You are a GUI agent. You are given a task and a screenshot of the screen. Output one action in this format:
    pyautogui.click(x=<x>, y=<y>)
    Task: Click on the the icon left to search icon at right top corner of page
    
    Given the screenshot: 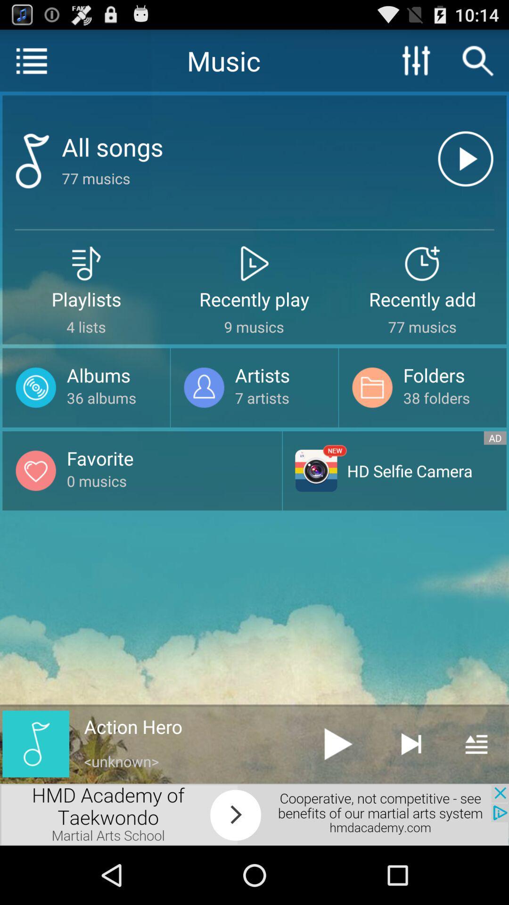 What is the action you would take?
    pyautogui.click(x=416, y=60)
    